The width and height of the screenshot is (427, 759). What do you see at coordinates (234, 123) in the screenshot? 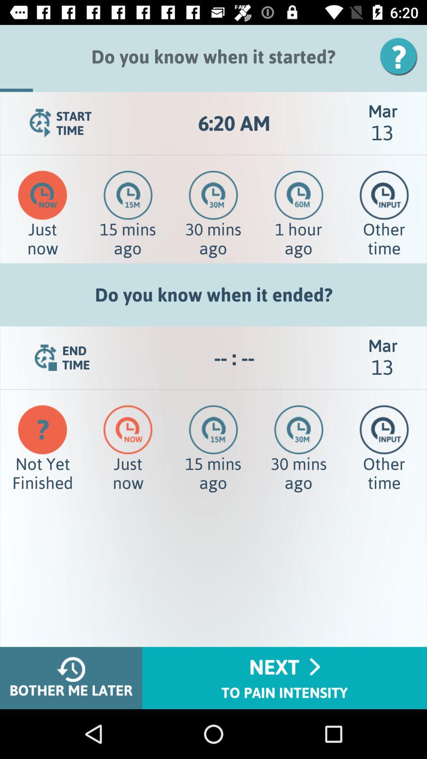
I see `the 6:20 am item` at bounding box center [234, 123].